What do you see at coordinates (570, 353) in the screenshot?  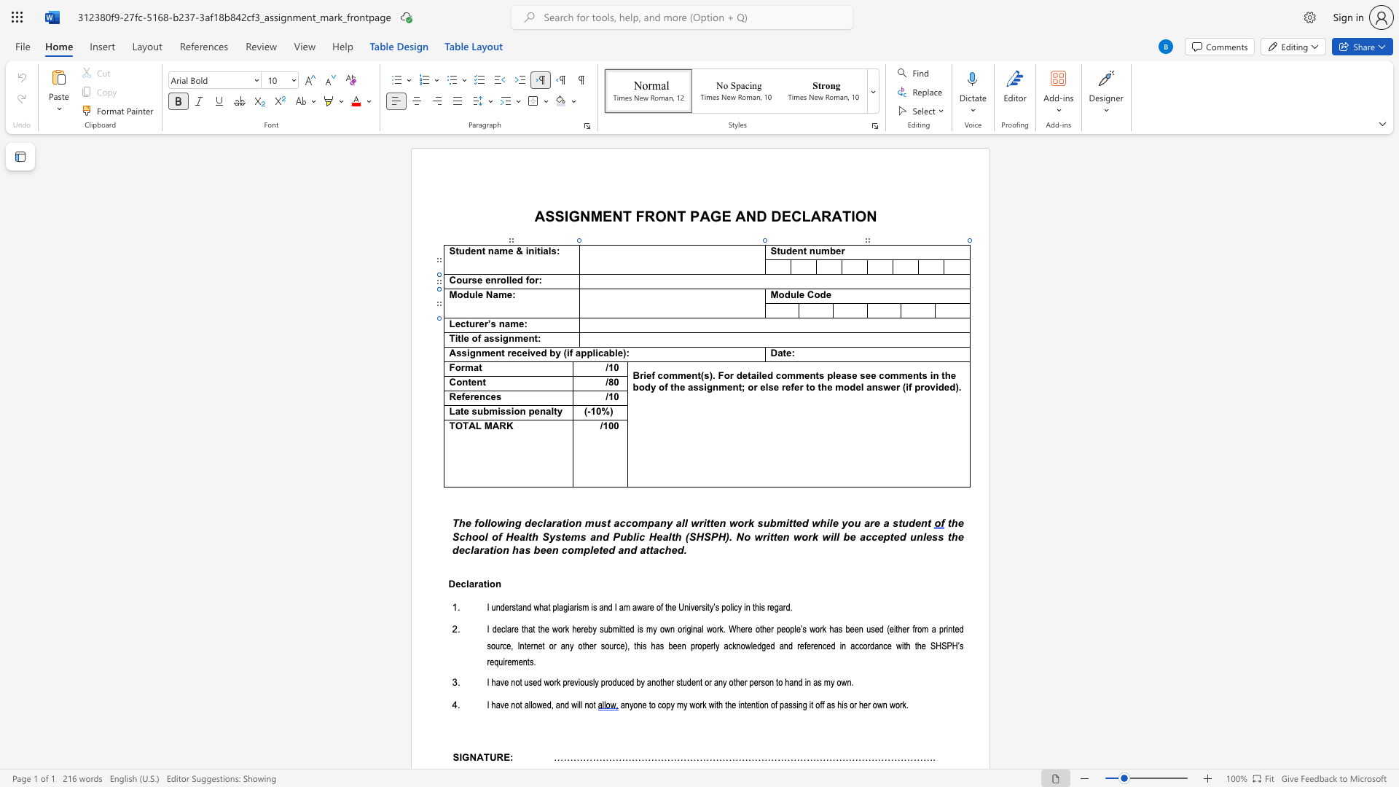 I see `the 1th character "f" in the text` at bounding box center [570, 353].